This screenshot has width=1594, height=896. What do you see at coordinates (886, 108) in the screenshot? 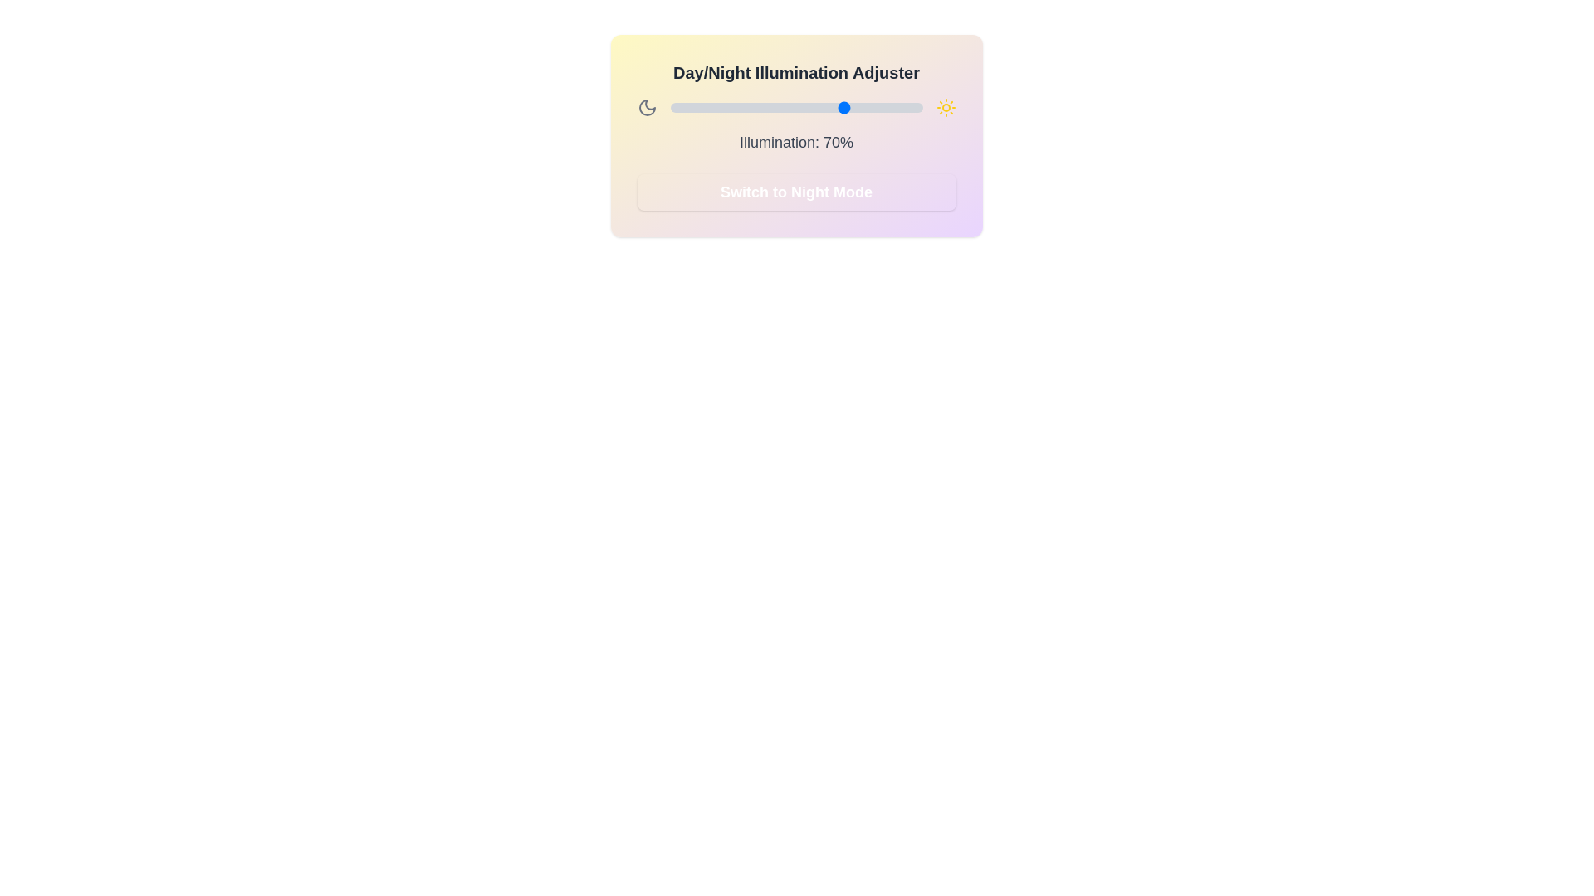
I see `the illumination level to 86% by dragging the slider` at bounding box center [886, 108].